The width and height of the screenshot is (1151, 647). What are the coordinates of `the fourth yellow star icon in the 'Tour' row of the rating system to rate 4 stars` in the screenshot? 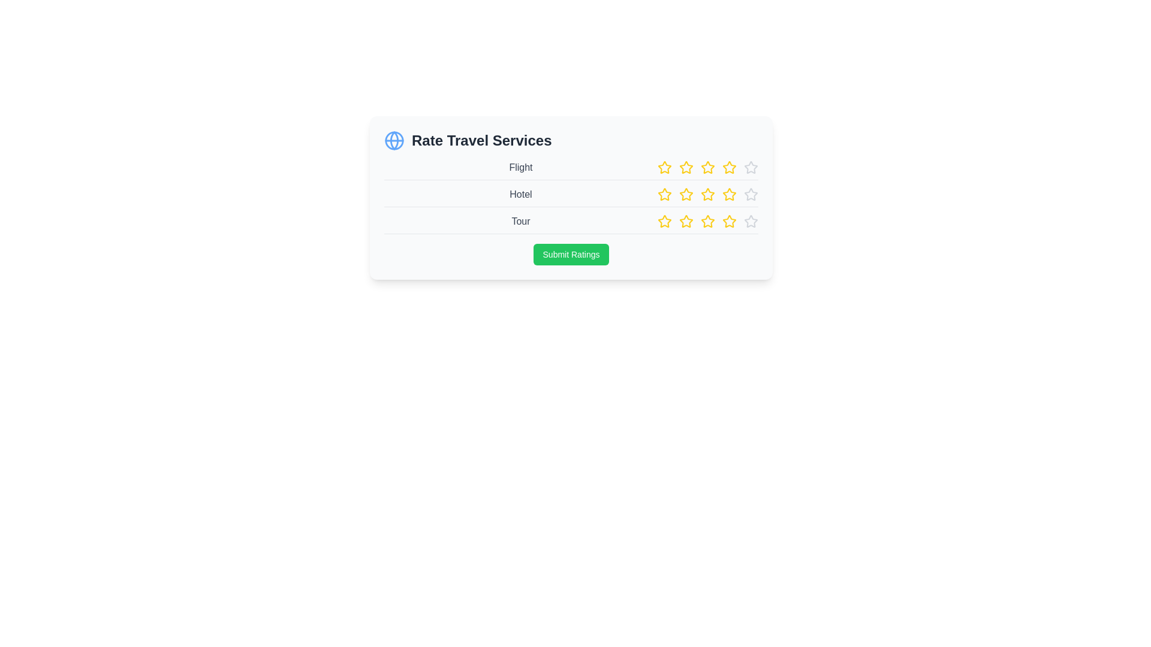 It's located at (707, 222).